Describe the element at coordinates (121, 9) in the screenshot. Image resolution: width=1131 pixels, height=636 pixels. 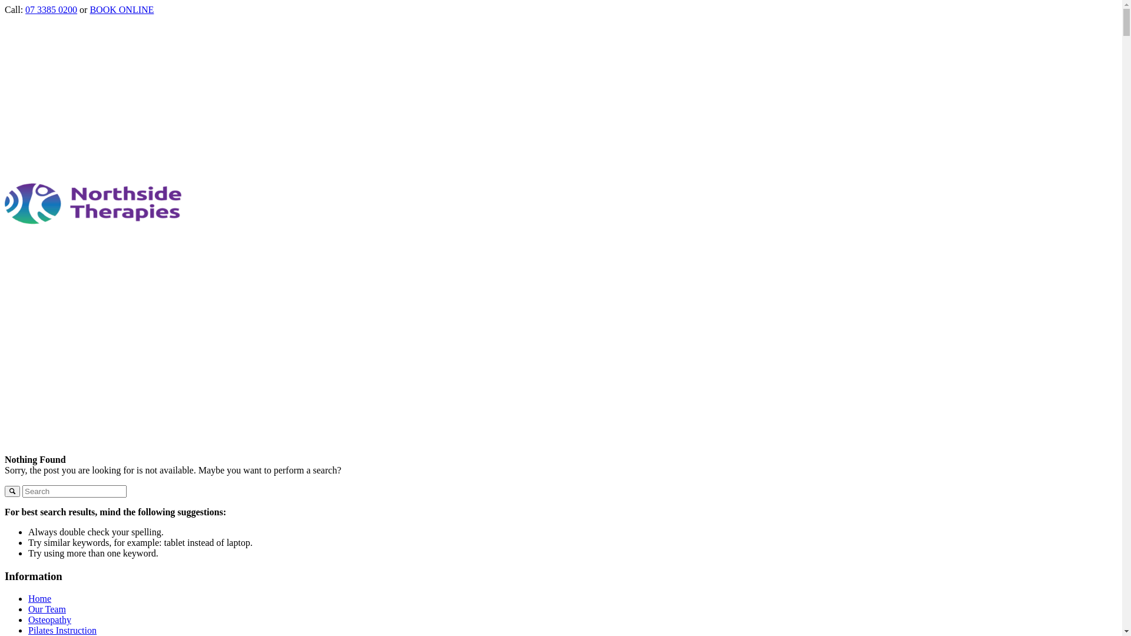
I see `'BOOK ONLINE'` at that location.